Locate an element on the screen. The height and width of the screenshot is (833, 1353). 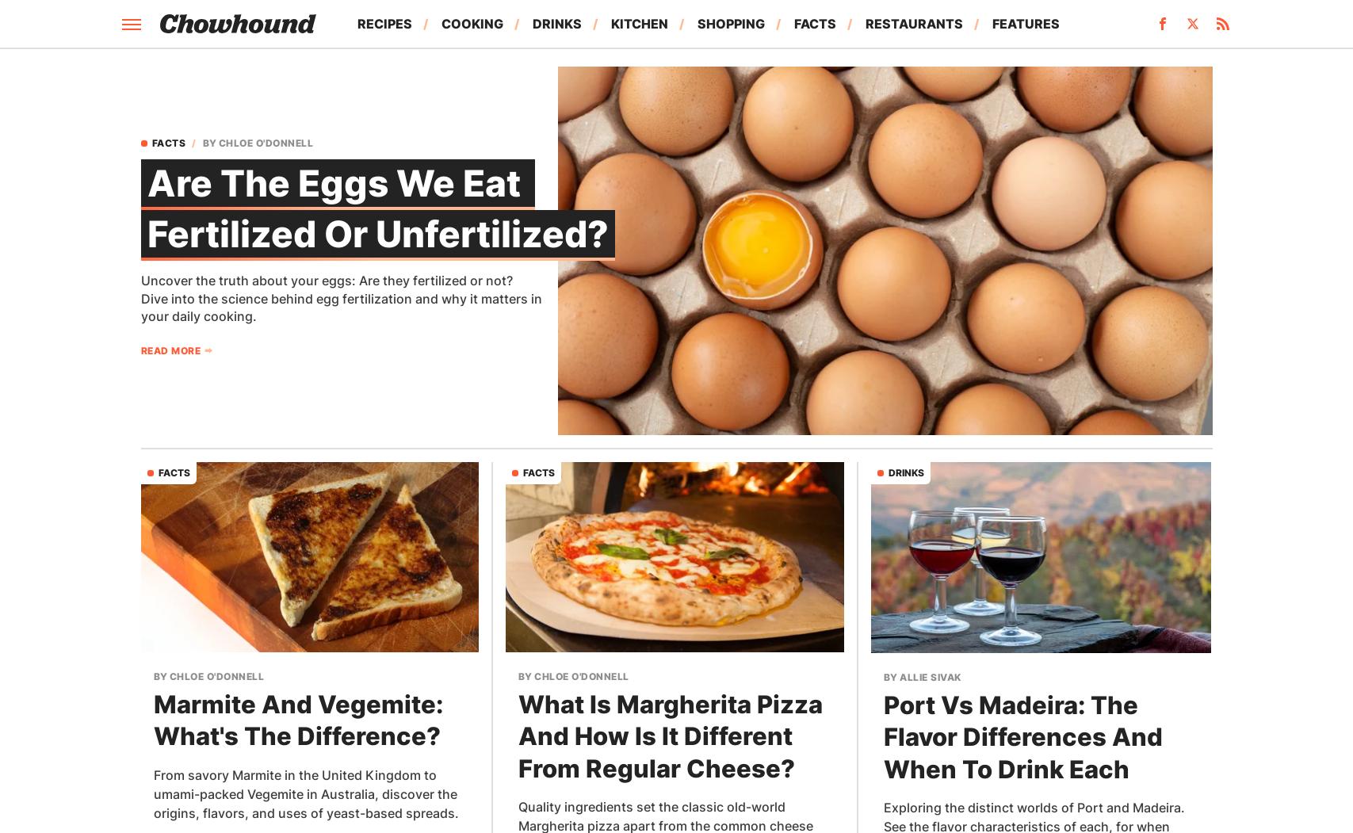
'Recipes' is located at coordinates (384, 23).